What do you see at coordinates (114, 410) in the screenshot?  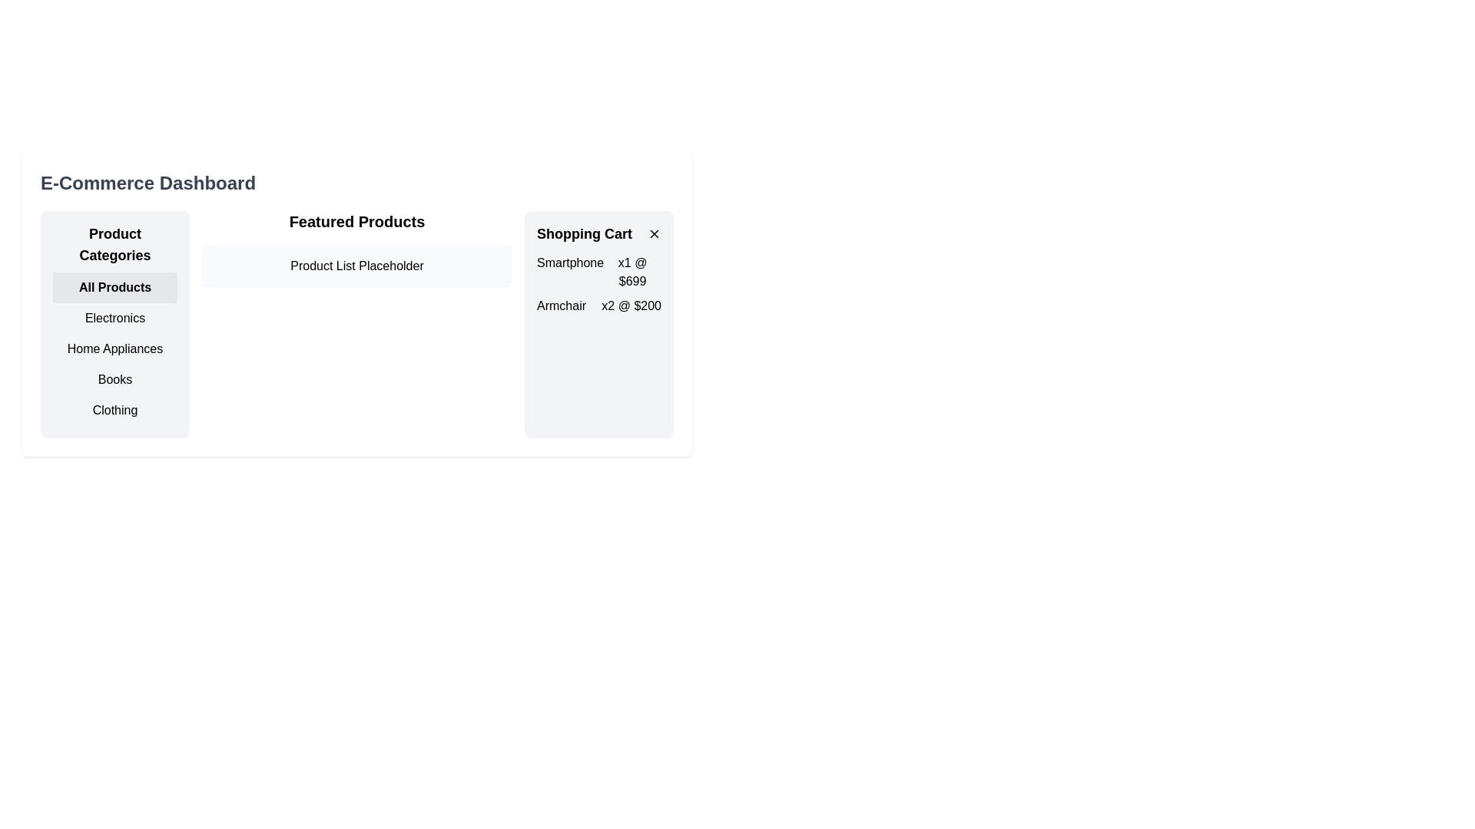 I see `the Category list item displaying 'Clothing', which is the last item in the vertical list under 'Product Categories'` at bounding box center [114, 410].